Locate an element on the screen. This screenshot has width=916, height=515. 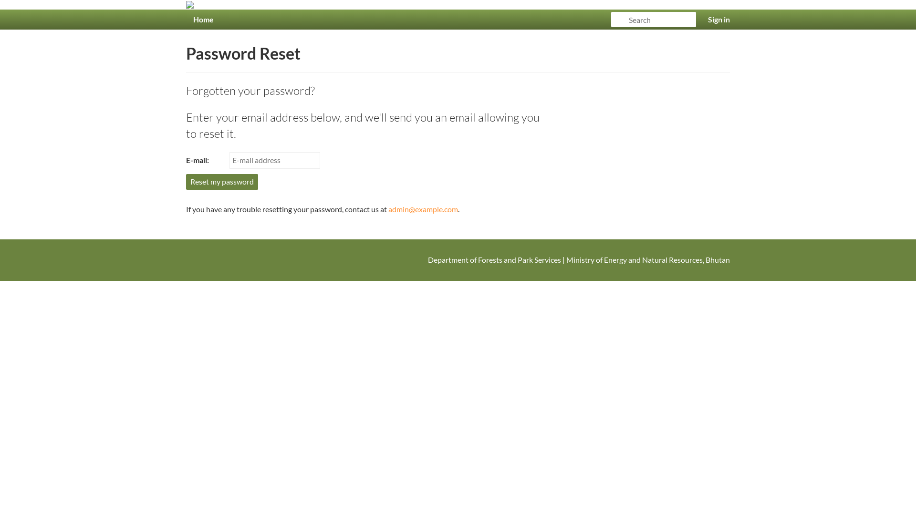
'Sign in' is located at coordinates (719, 20).